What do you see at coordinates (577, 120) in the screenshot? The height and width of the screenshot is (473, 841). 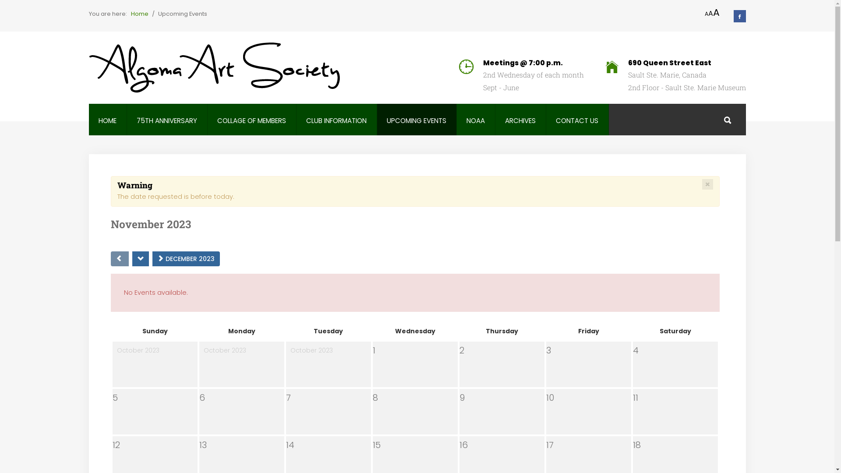 I see `'CONTACT US'` at bounding box center [577, 120].